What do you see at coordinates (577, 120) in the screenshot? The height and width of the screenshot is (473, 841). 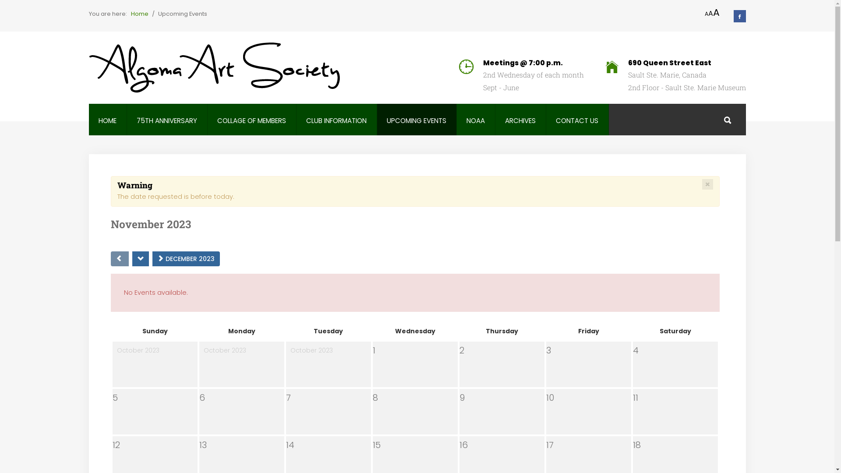 I see `'CONTACT US'` at bounding box center [577, 120].